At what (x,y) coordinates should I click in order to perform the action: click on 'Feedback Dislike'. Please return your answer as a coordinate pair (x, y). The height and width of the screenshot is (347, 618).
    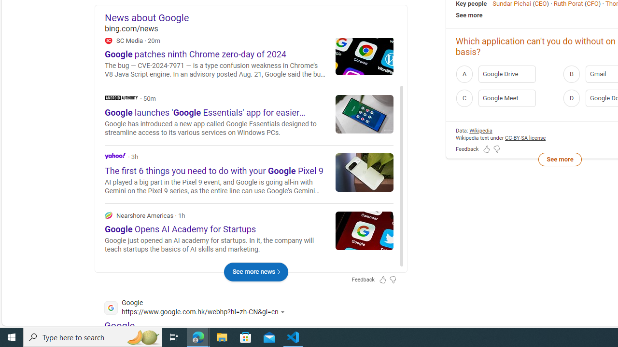
    Looking at the image, I should click on (497, 149).